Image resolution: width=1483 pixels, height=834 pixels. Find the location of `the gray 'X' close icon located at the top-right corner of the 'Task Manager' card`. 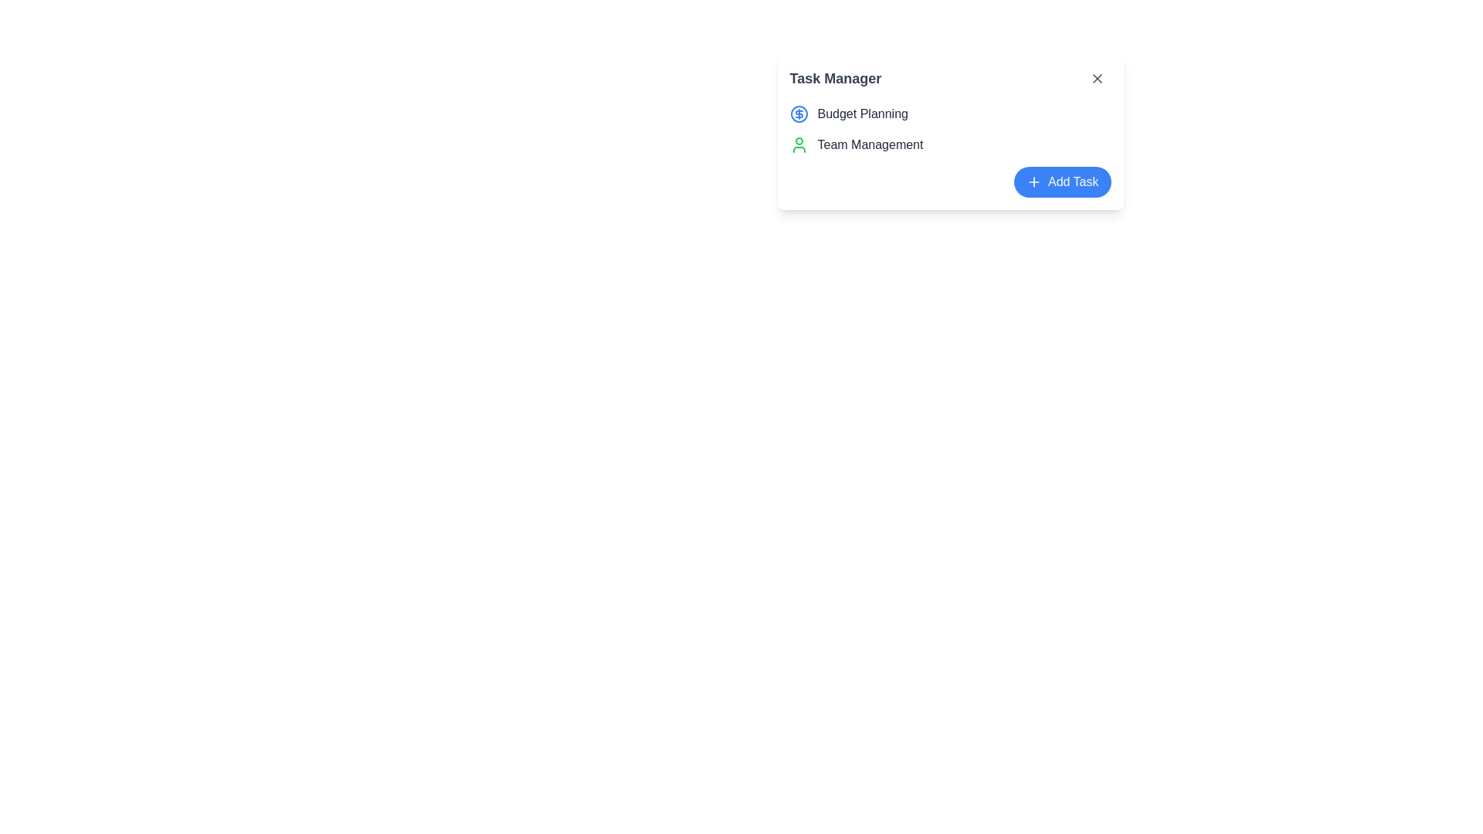

the gray 'X' close icon located at the top-right corner of the 'Task Manager' card is located at coordinates (1096, 78).